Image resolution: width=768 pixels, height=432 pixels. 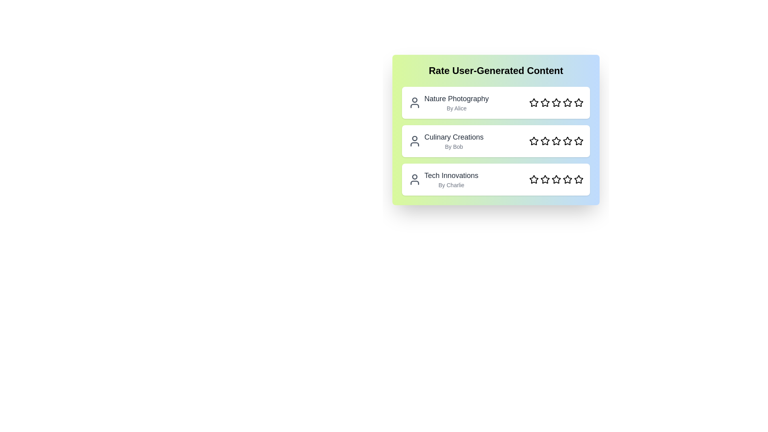 I want to click on the star corresponding to the rating 2 for the content Nature Photography, so click(x=545, y=102).